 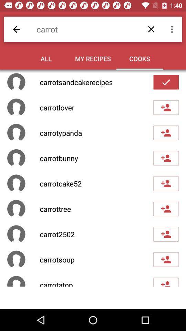 What do you see at coordinates (166, 108) in the screenshot?
I see `to list` at bounding box center [166, 108].